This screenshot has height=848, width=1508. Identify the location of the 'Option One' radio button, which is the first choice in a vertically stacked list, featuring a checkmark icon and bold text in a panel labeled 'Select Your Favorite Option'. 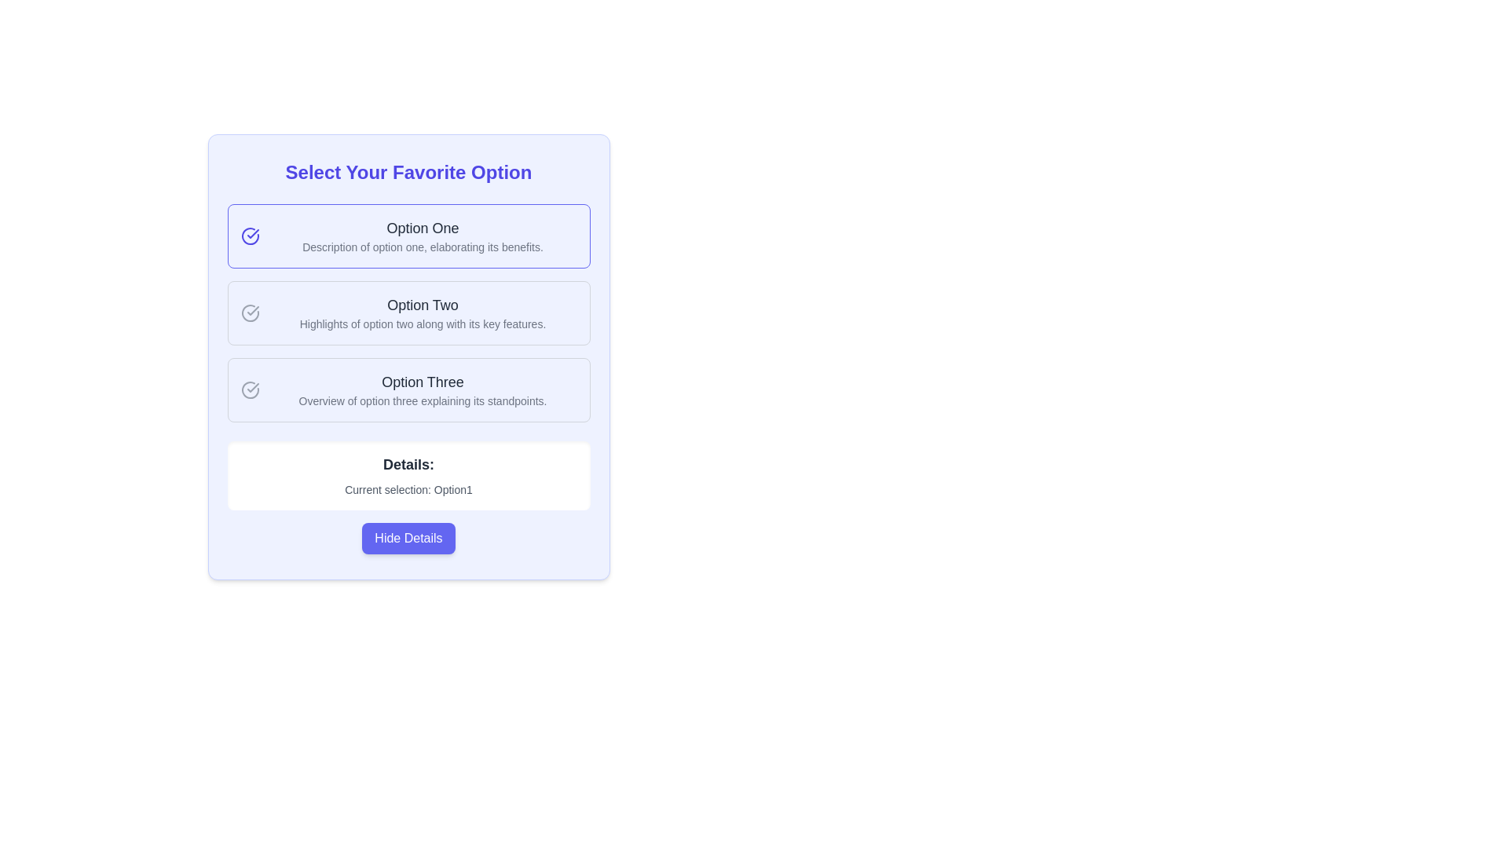
(408, 236).